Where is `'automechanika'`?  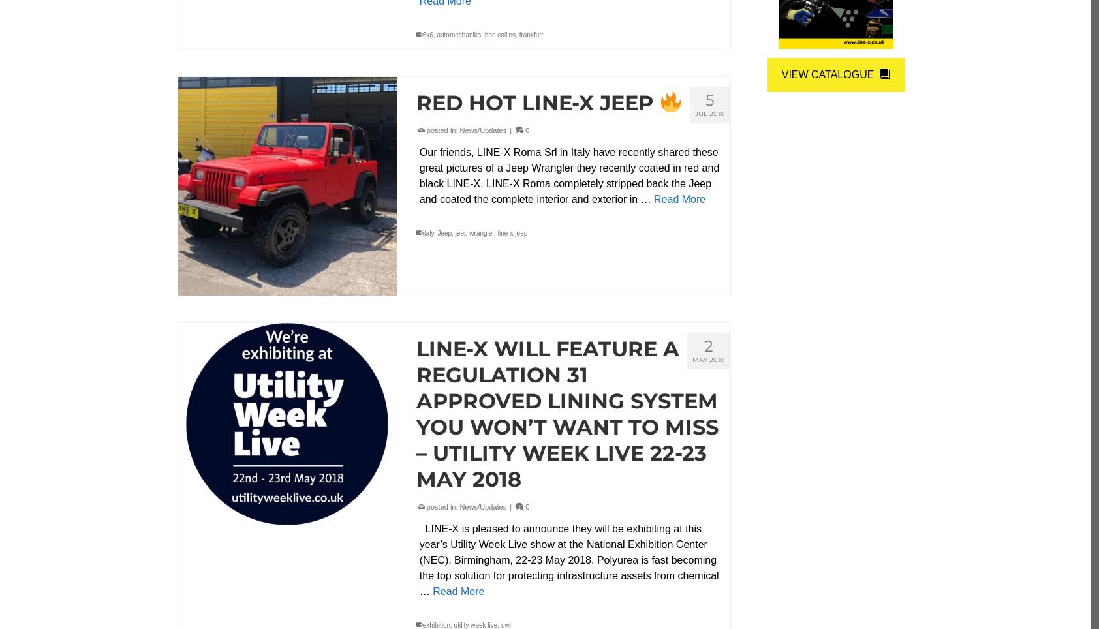 'automechanika' is located at coordinates (459, 35).